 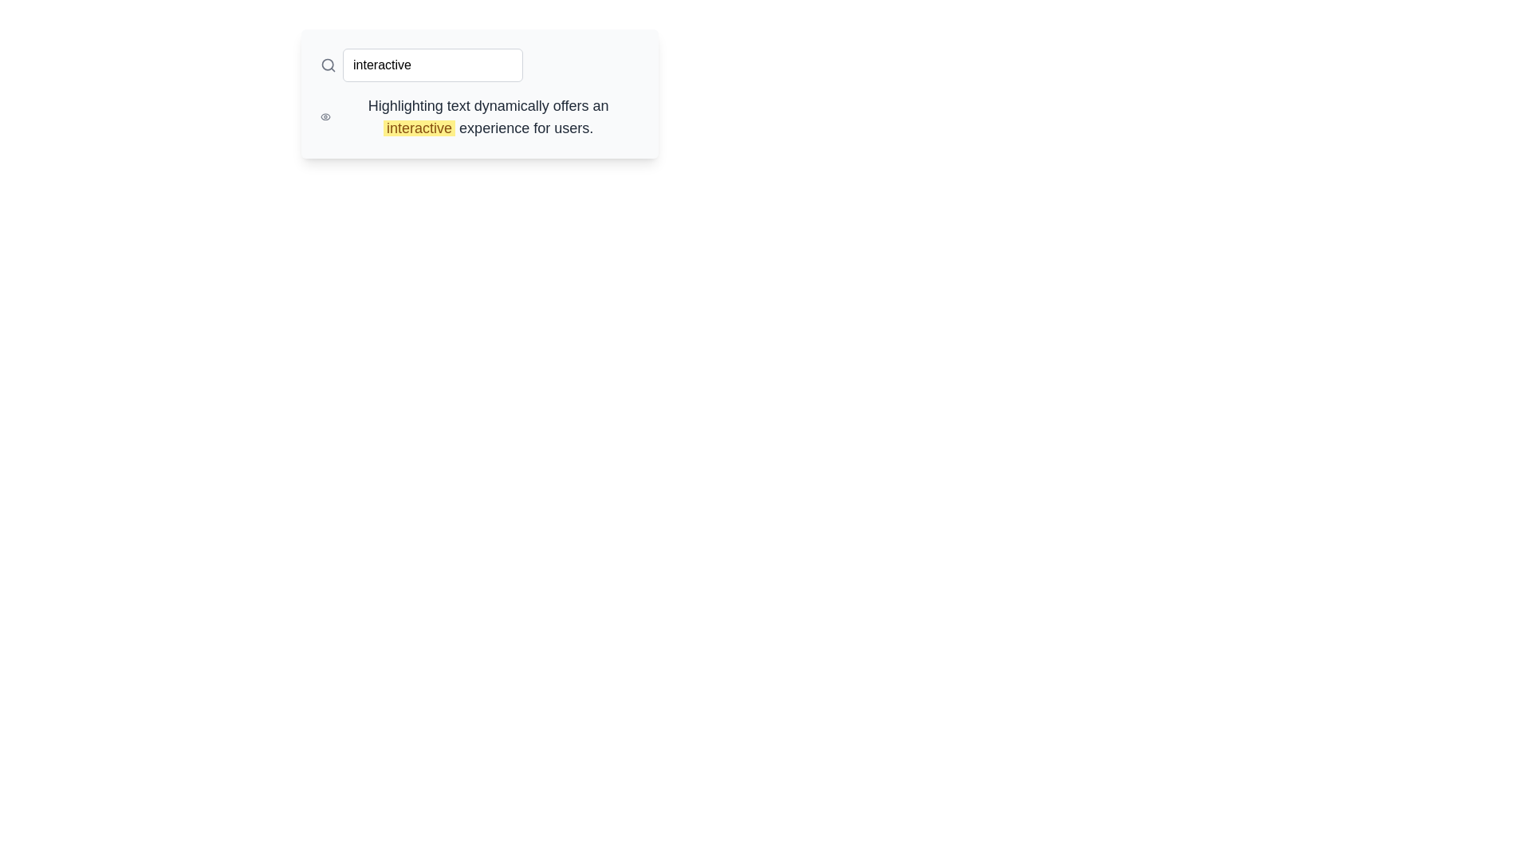 What do you see at coordinates (328, 64) in the screenshot?
I see `the search icon shaped like a magnifying glass, located at the leftmost edge of the horizontal layout` at bounding box center [328, 64].